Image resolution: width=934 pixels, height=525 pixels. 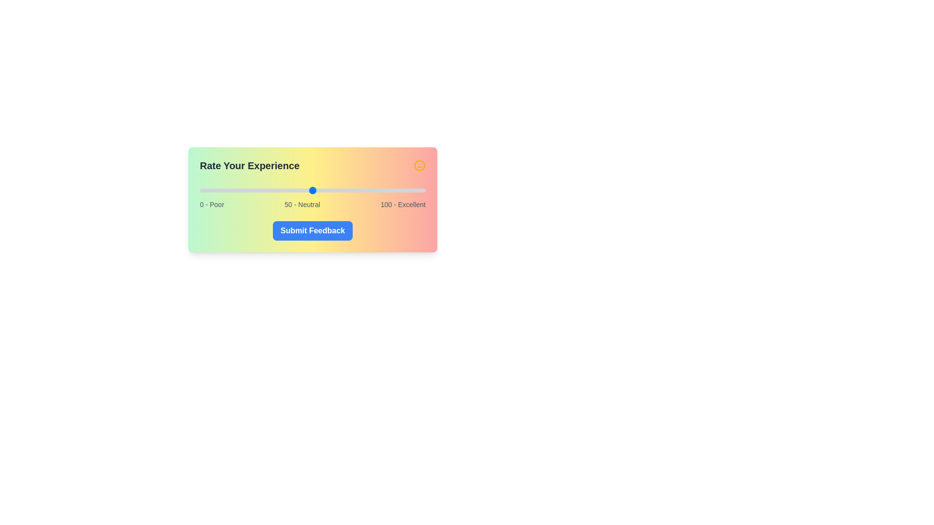 I want to click on the satisfaction slider to 94 value, so click(x=412, y=191).